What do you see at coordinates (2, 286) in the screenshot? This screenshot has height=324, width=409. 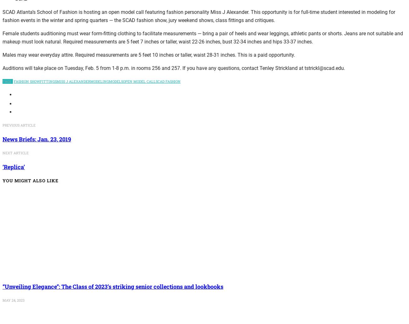 I see `'“Unveiling Elegance”: The Class of 2023’s striking senior collections and lookbooks'` at bounding box center [2, 286].